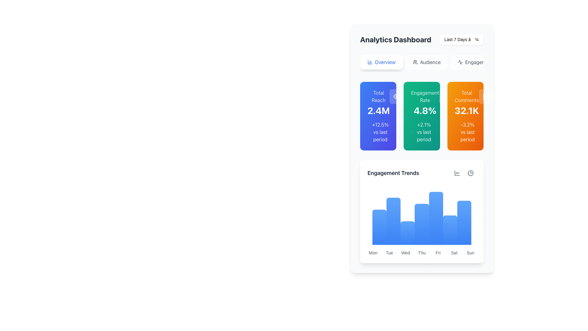 The image size is (588, 331). Describe the element at coordinates (421, 132) in the screenshot. I see `the text label reading '+2.1% vs last period' located below the bold percentage value (4.8%) in the Engagement Rate card to utilize the information conveyed in the label for understanding trends` at that location.